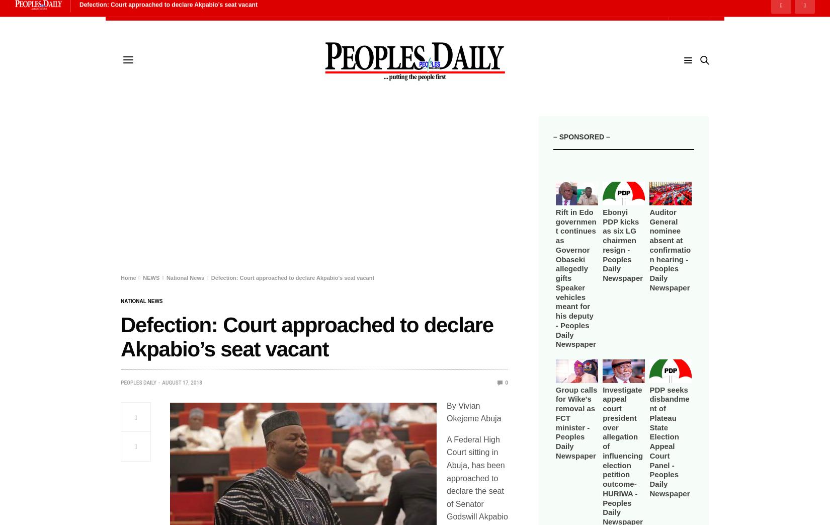  I want to click on '0', so click(506, 382).